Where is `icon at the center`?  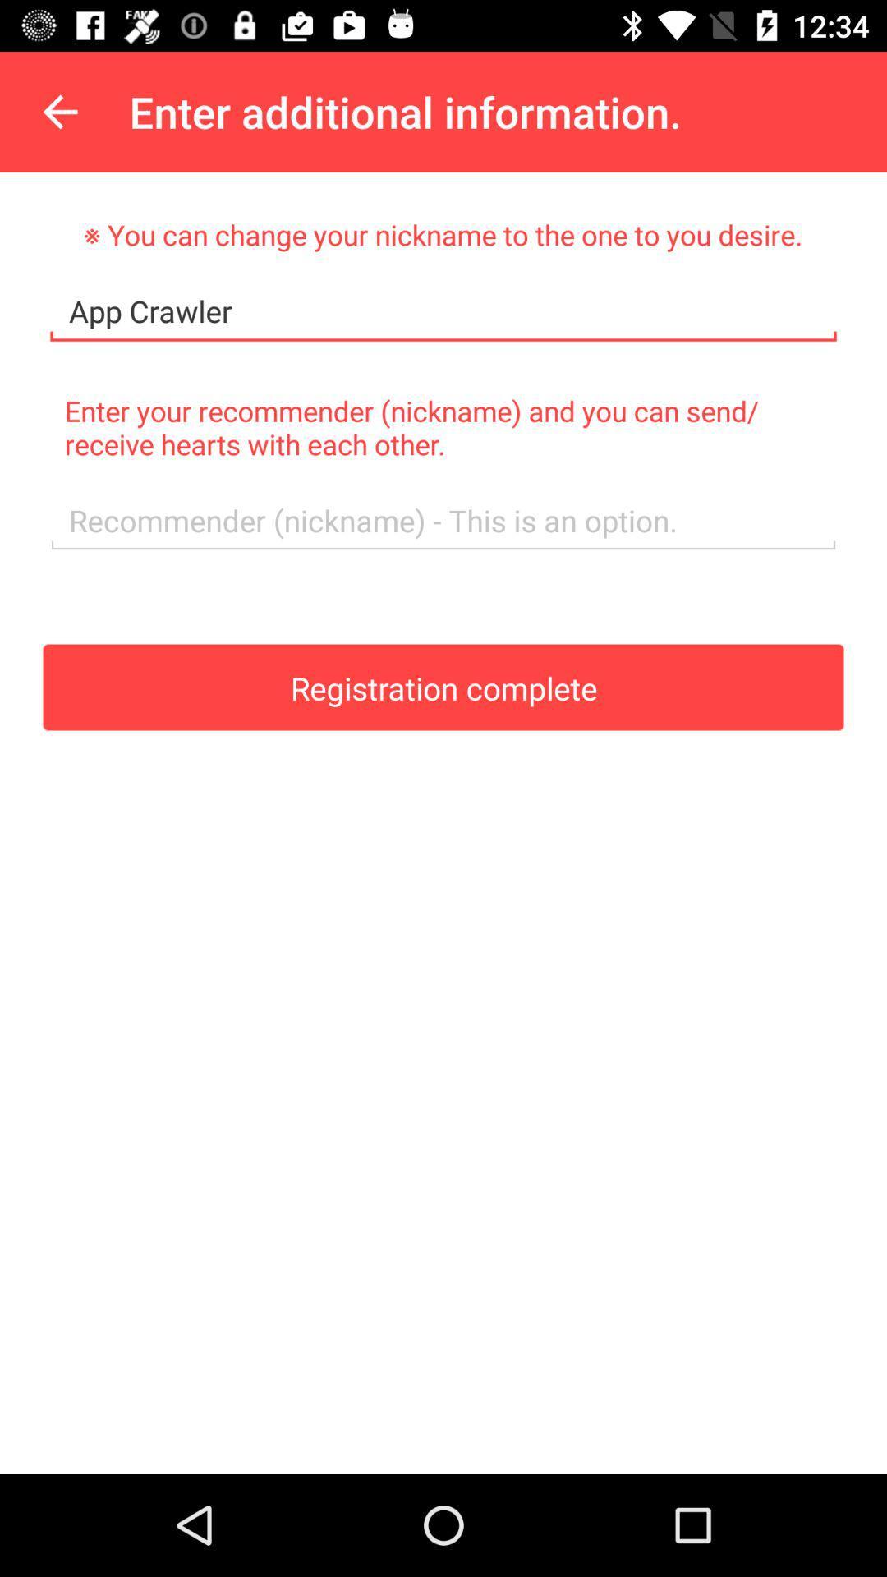
icon at the center is located at coordinates (443, 687).